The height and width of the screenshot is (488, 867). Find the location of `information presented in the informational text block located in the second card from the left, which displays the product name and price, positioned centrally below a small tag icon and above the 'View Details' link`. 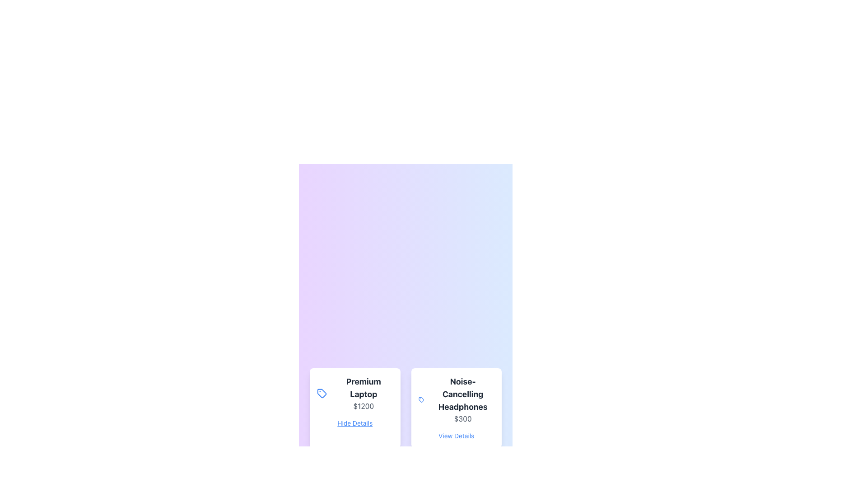

information presented in the informational text block located in the second card from the left, which displays the product name and price, positioned centrally below a small tag icon and above the 'View Details' link is located at coordinates (463, 399).